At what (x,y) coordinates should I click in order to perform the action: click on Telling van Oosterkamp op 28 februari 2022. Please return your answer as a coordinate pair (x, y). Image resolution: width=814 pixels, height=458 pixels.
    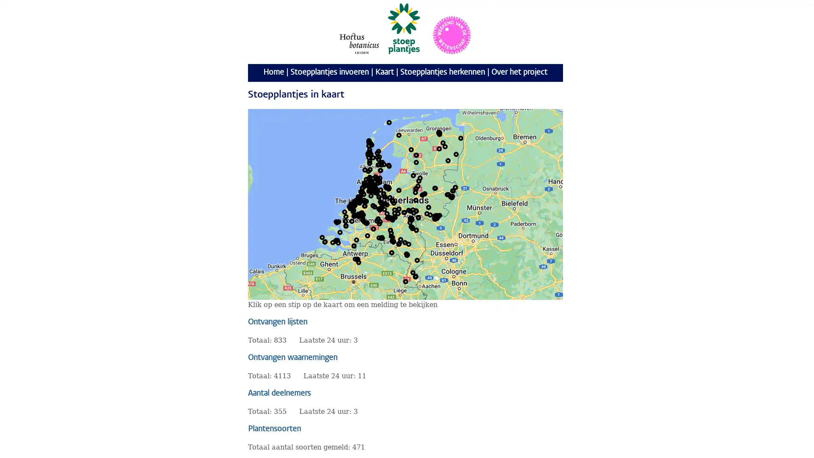
    Looking at the image, I should click on (388, 122).